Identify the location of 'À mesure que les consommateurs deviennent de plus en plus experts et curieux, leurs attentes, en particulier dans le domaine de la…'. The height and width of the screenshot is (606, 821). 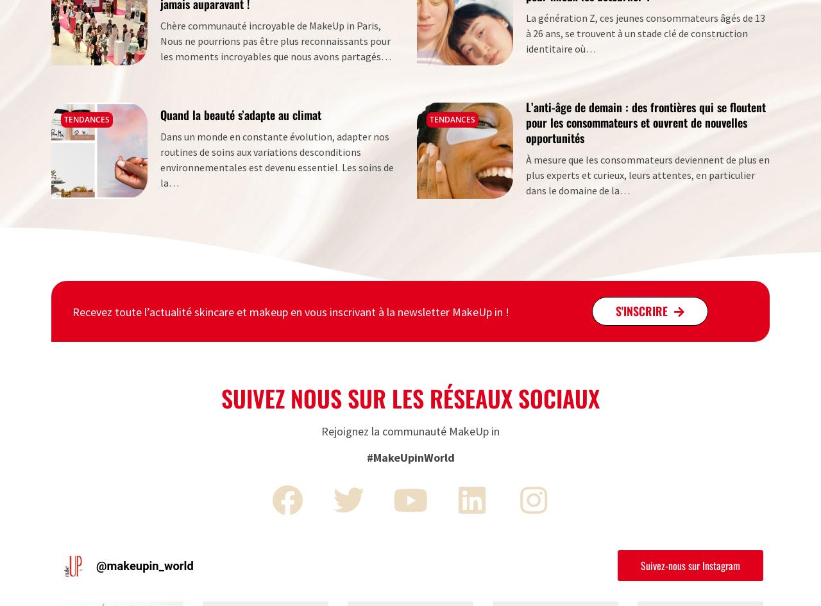
(648, 174).